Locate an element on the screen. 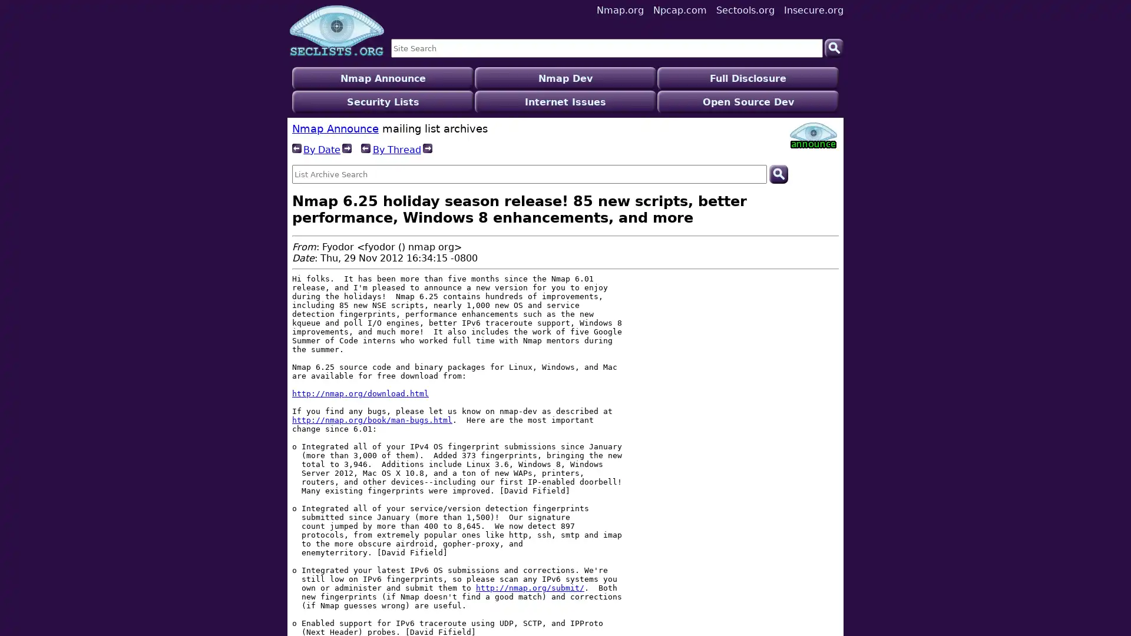 The height and width of the screenshot is (636, 1131). Search is located at coordinates (834, 47).